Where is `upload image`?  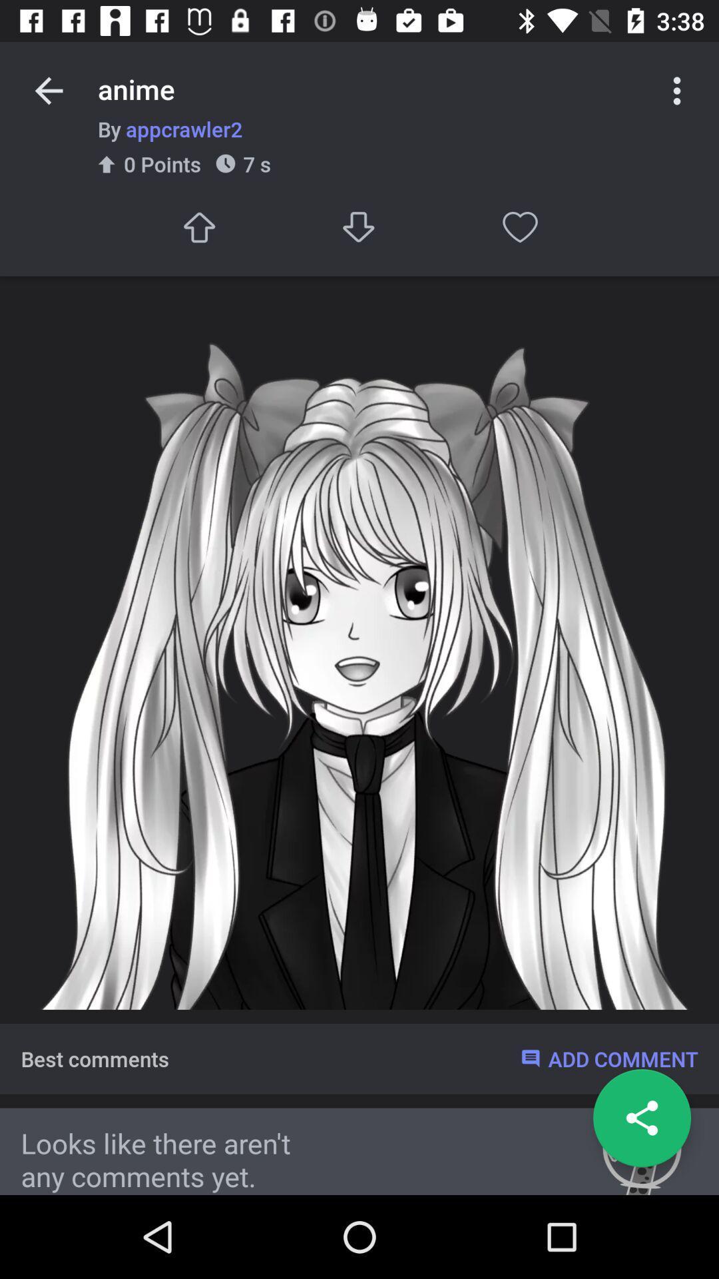
upload image is located at coordinates (198, 227).